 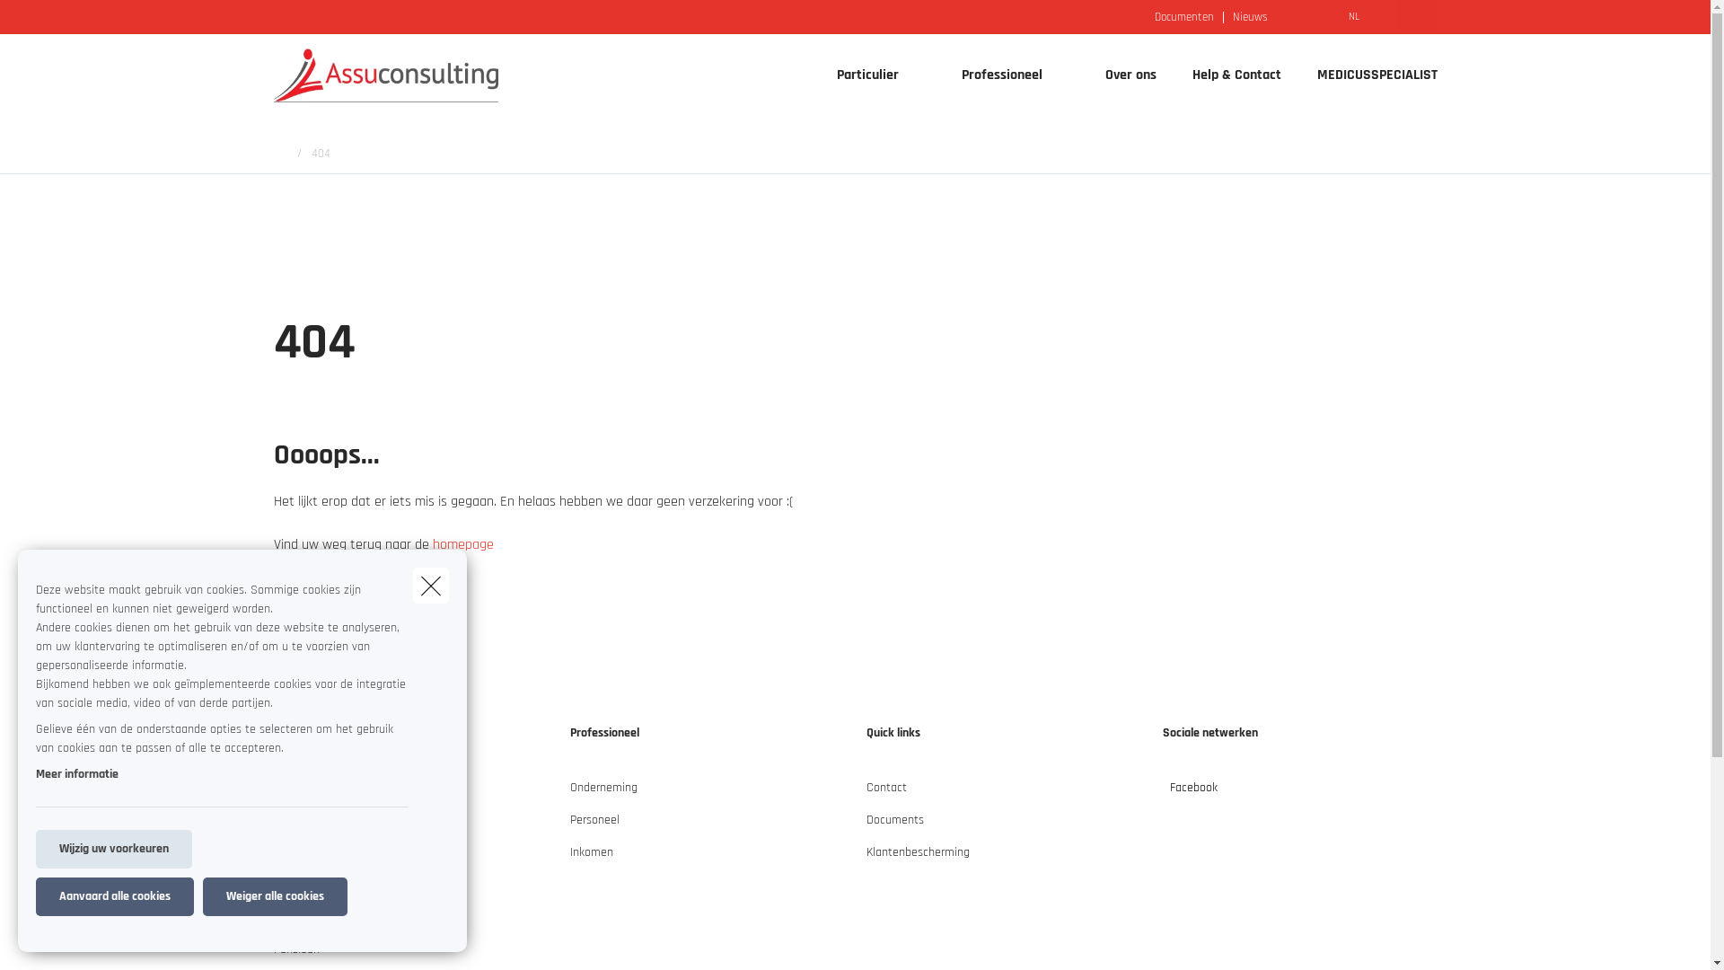 What do you see at coordinates (296, 793) in the screenshot?
I see `'Mobiliteit'` at bounding box center [296, 793].